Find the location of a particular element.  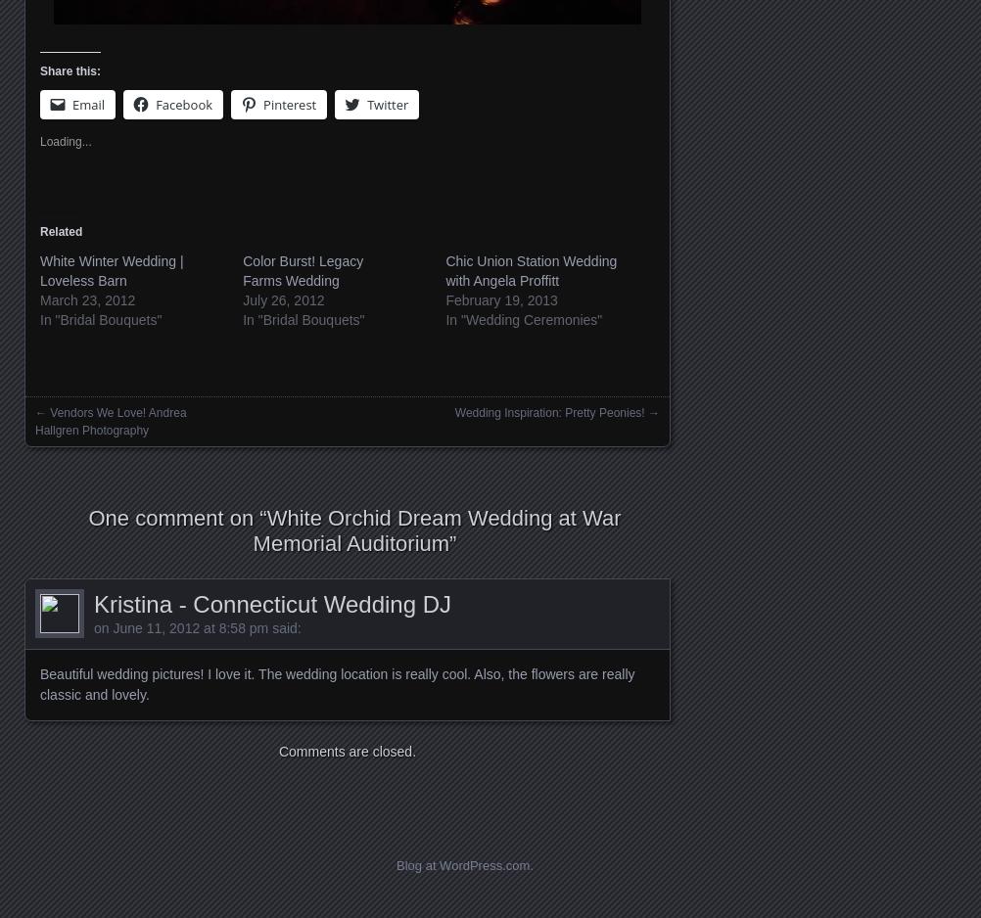

'Twitter' is located at coordinates (387, 104).